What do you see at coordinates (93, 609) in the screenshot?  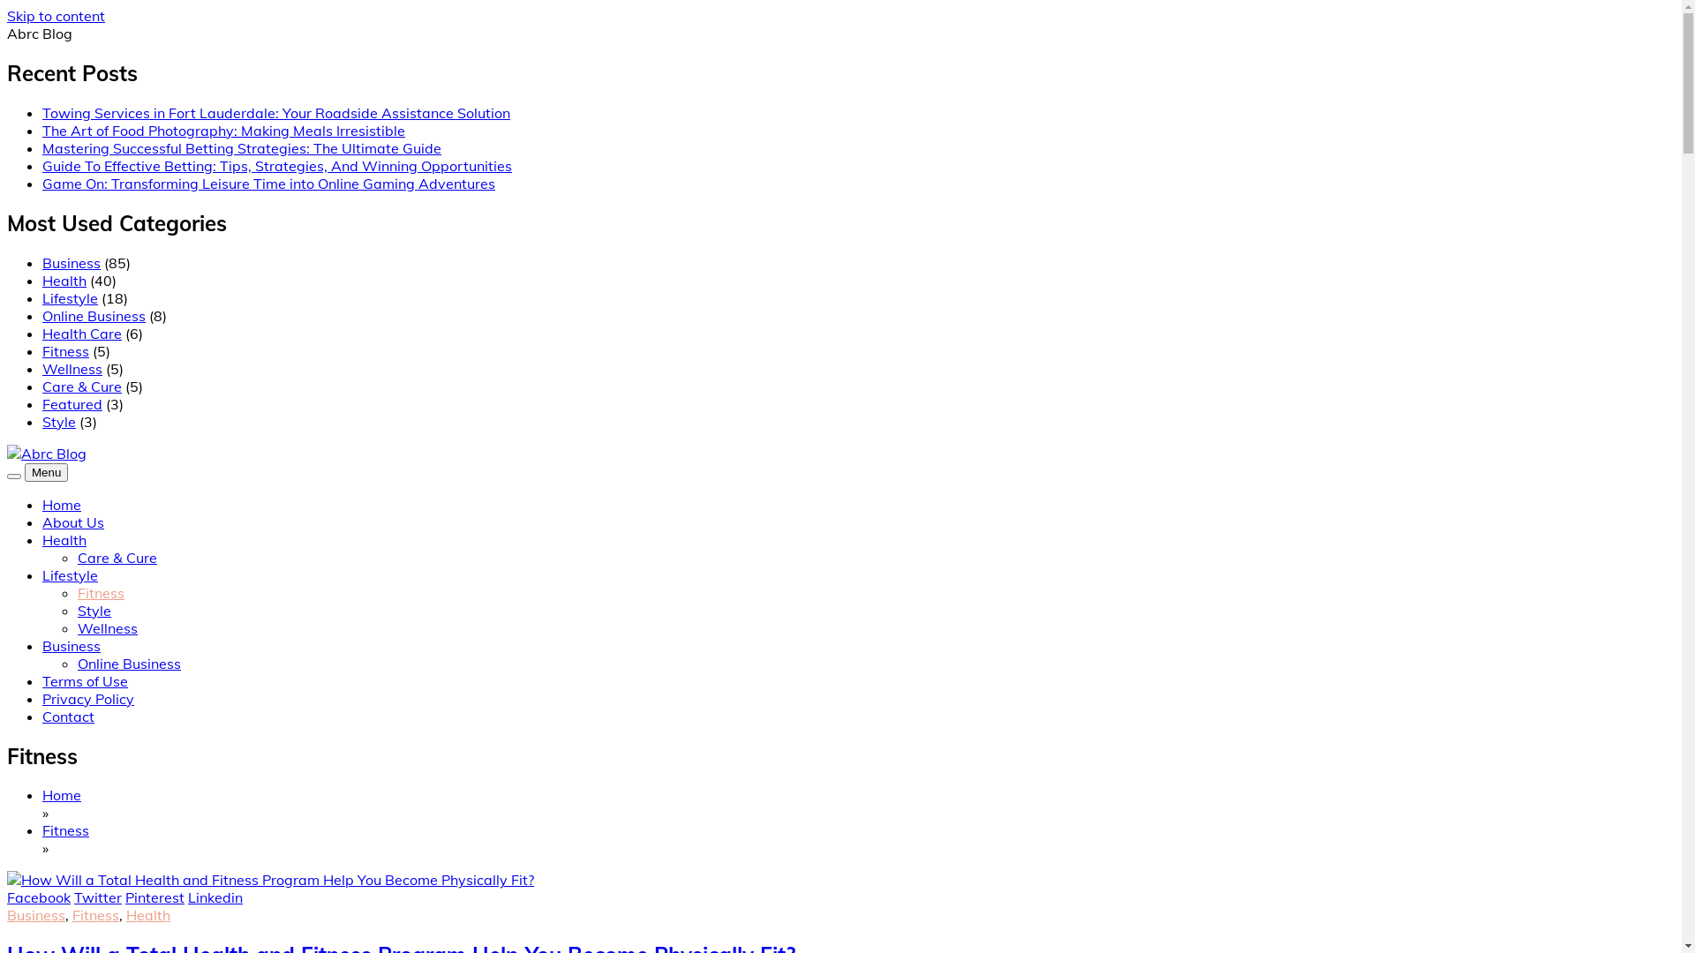 I see `'Style'` at bounding box center [93, 609].